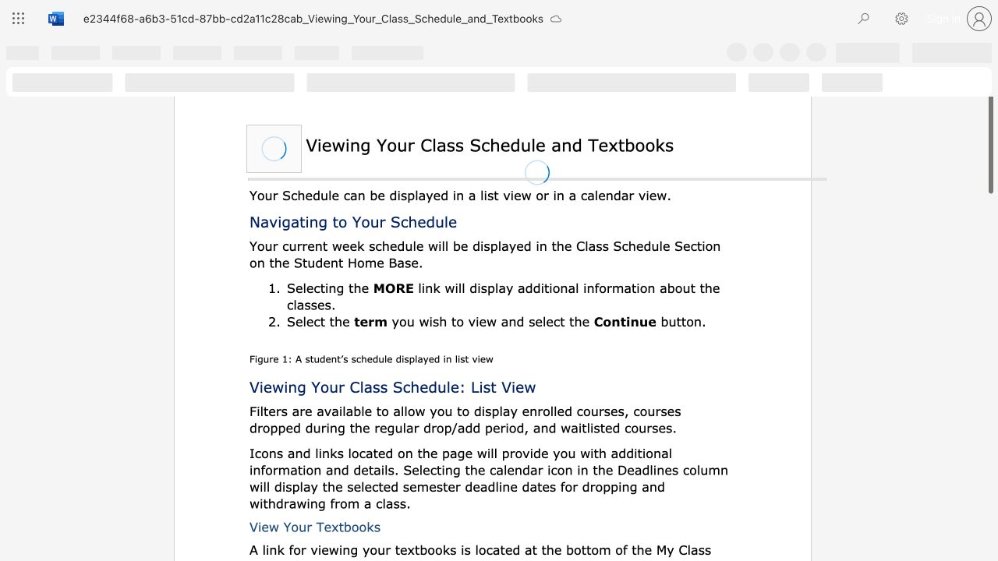  Describe the element at coordinates (989, 436) in the screenshot. I see `the scrollbar on the right side to scroll the page down` at that location.